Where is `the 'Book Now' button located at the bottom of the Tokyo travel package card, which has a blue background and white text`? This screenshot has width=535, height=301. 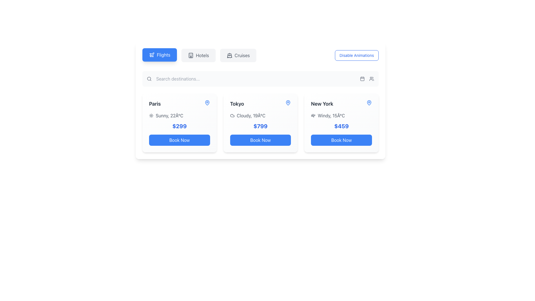
the 'Book Now' button located at the bottom of the Tokyo travel package card, which has a blue background and white text is located at coordinates (260, 140).